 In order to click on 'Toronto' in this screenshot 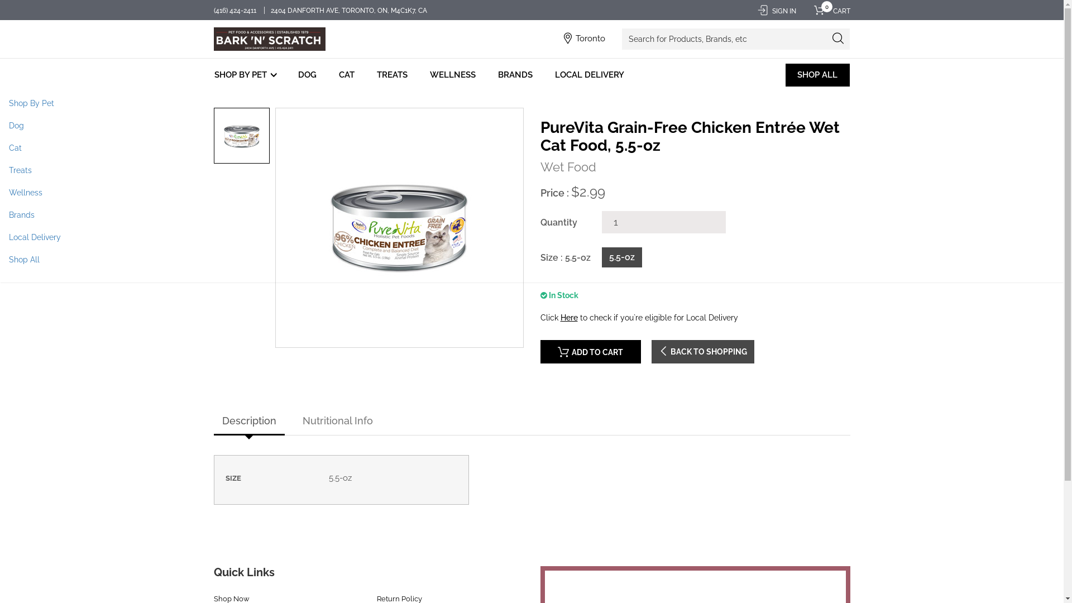, I will do `click(590, 38)`.